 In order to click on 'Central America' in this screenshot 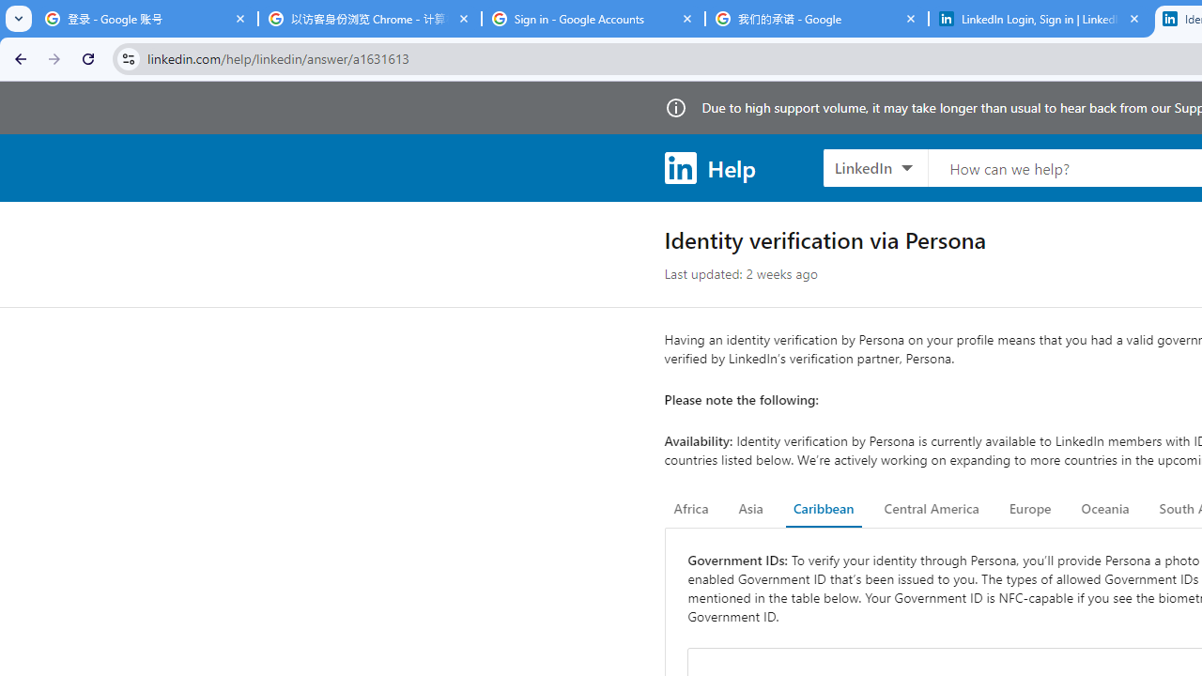, I will do `click(932, 509)`.